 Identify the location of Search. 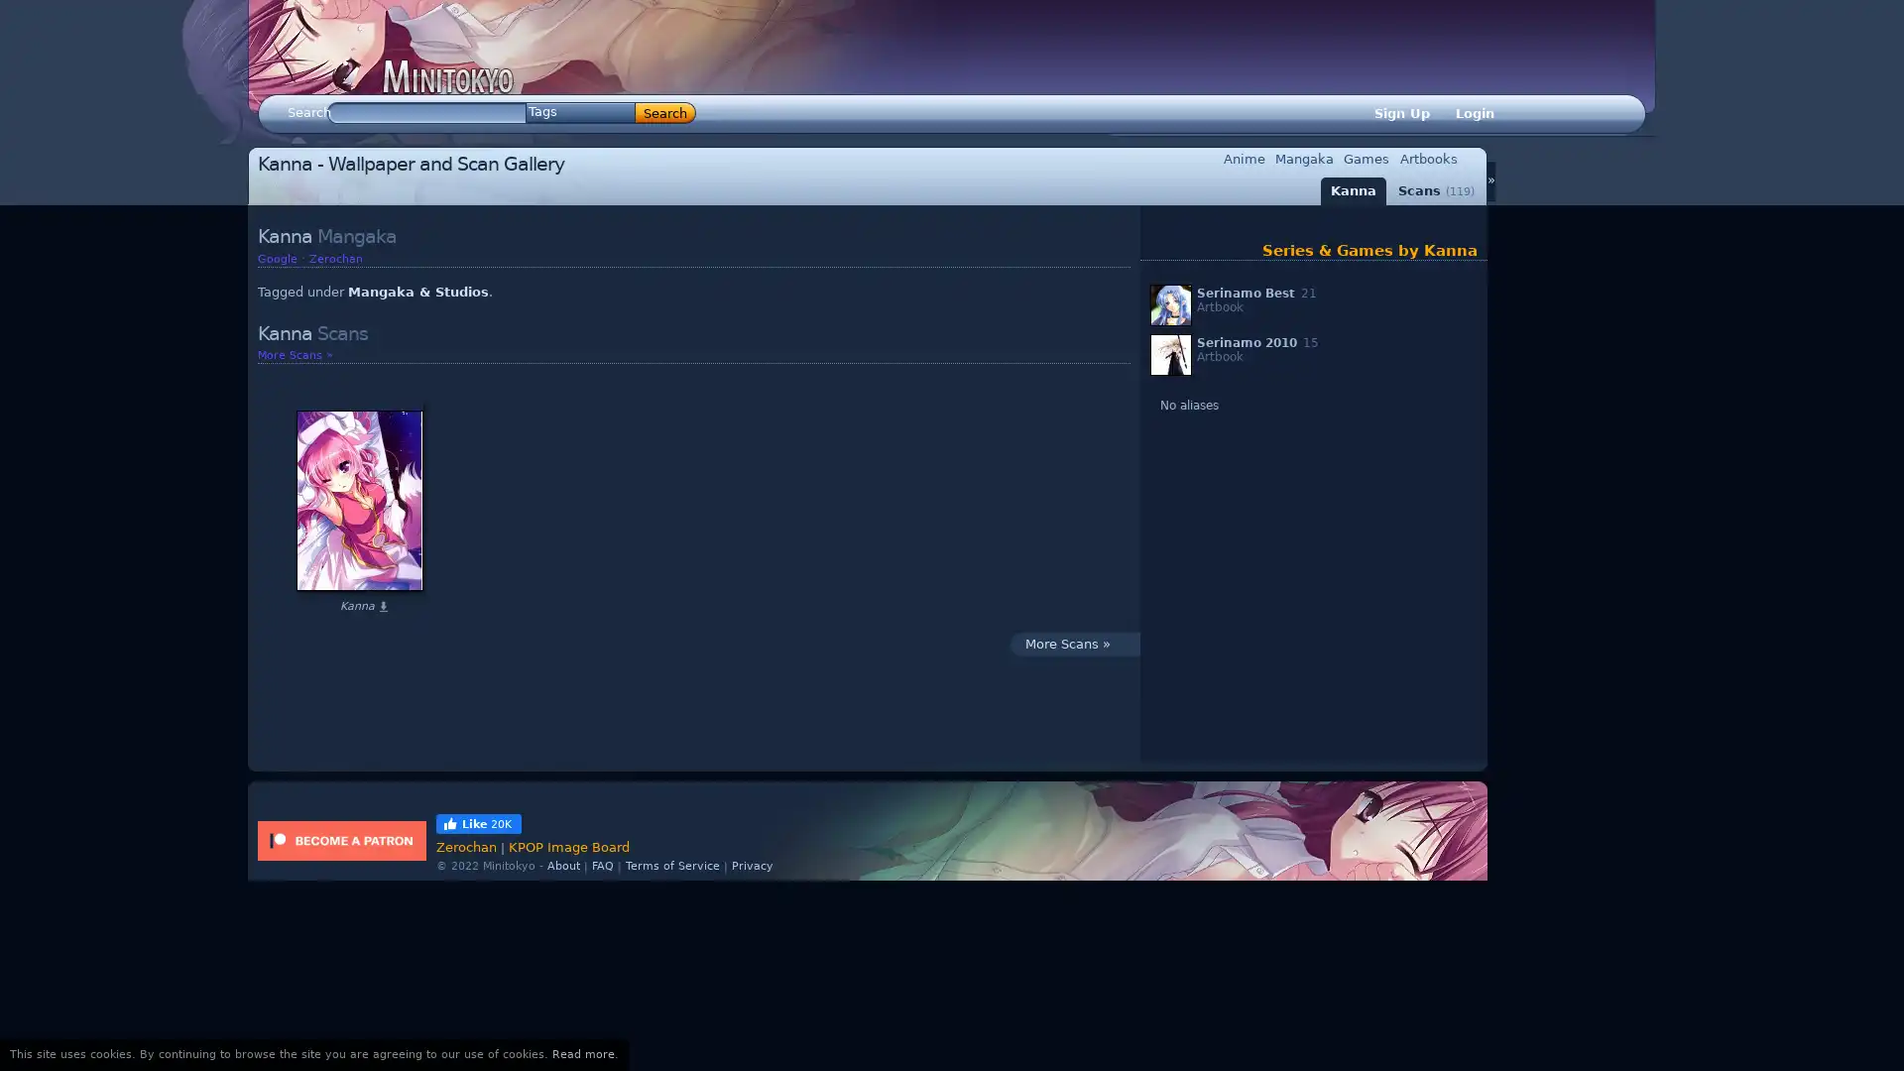
(665, 113).